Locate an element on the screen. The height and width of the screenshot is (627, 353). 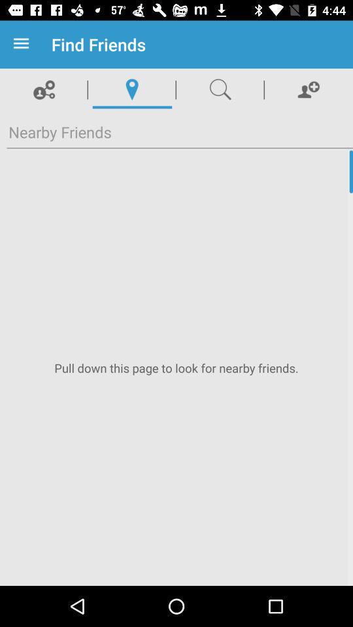
app to the left of the find friends app is located at coordinates (24, 44).